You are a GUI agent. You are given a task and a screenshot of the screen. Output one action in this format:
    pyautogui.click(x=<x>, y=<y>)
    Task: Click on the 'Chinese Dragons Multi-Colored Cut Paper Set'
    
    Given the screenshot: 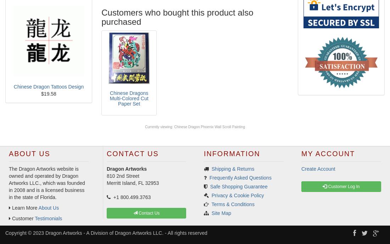 What is the action you would take?
    pyautogui.click(x=129, y=98)
    